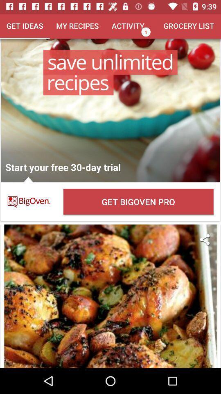  What do you see at coordinates (204, 239) in the screenshot?
I see `the icon below get bigoven pro item` at bounding box center [204, 239].